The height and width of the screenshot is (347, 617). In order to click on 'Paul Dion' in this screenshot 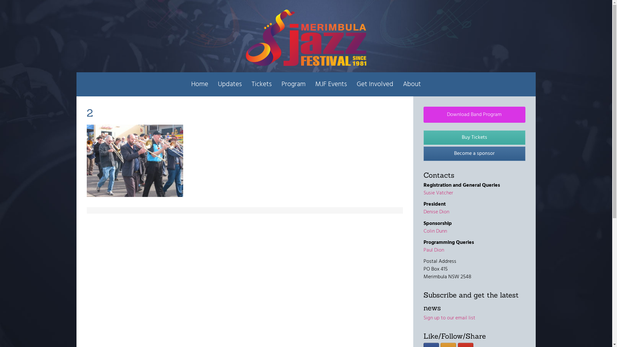, I will do `click(434, 250)`.